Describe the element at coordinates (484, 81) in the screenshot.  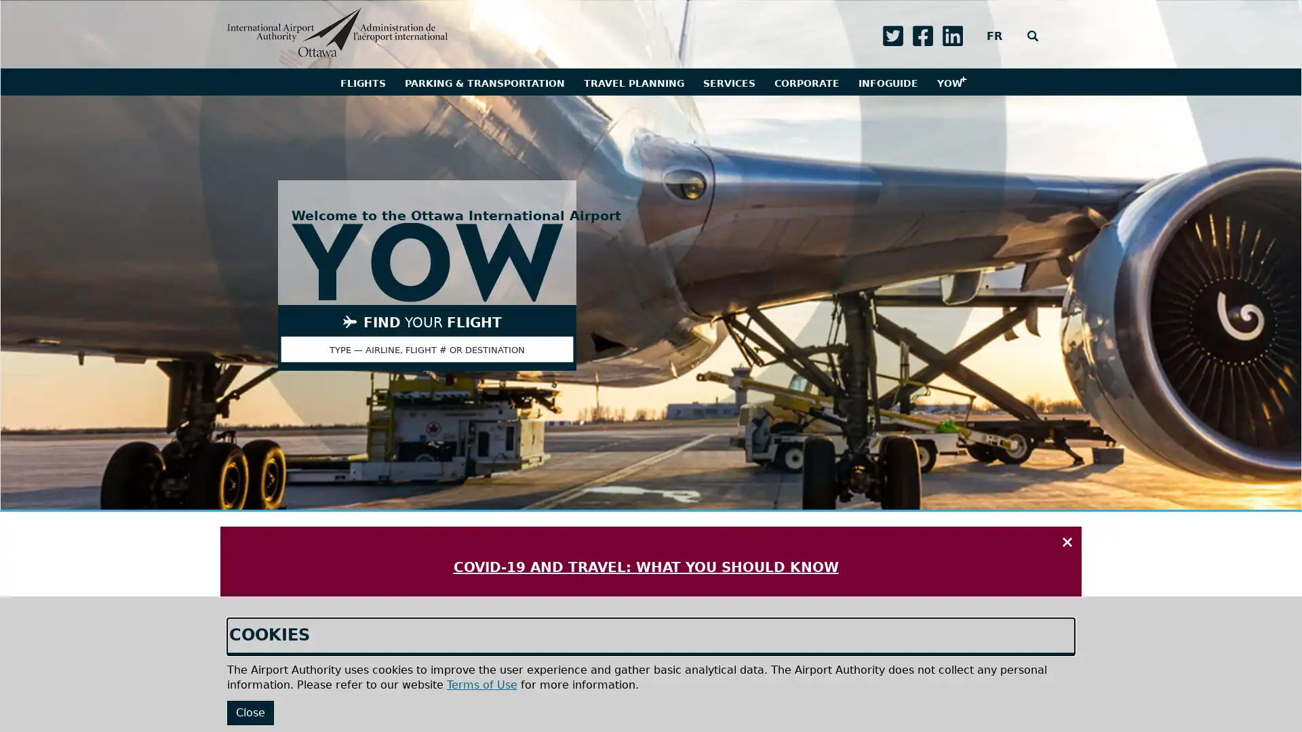
I see `Show Parking & Transportation Sub Menu` at that location.